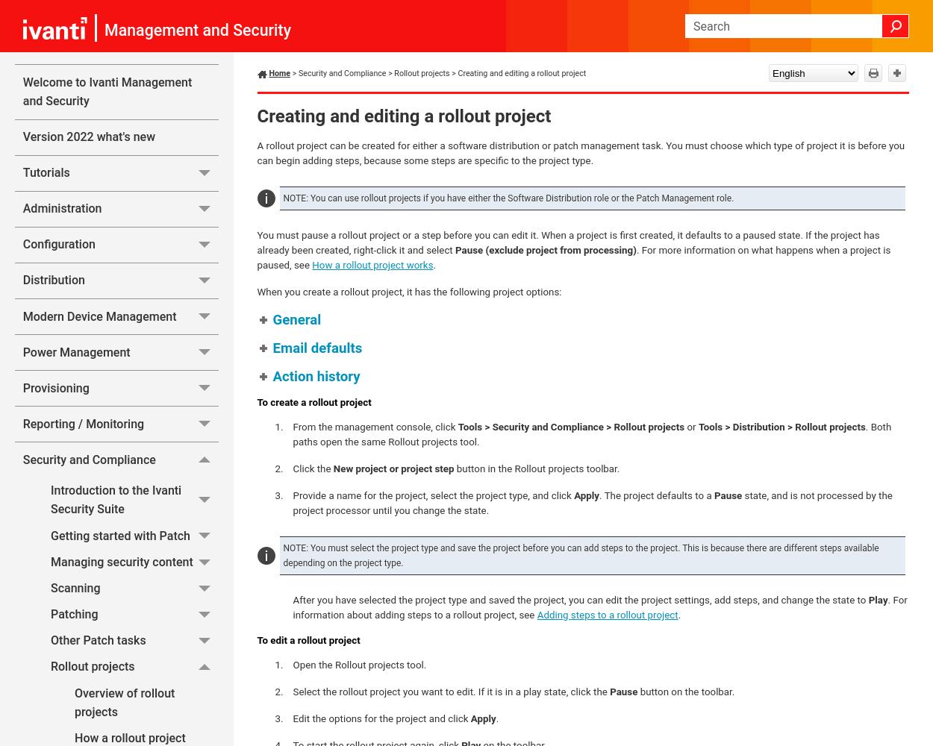  I want to click on 'Welcome to Ivanti Management and Security', so click(107, 90).